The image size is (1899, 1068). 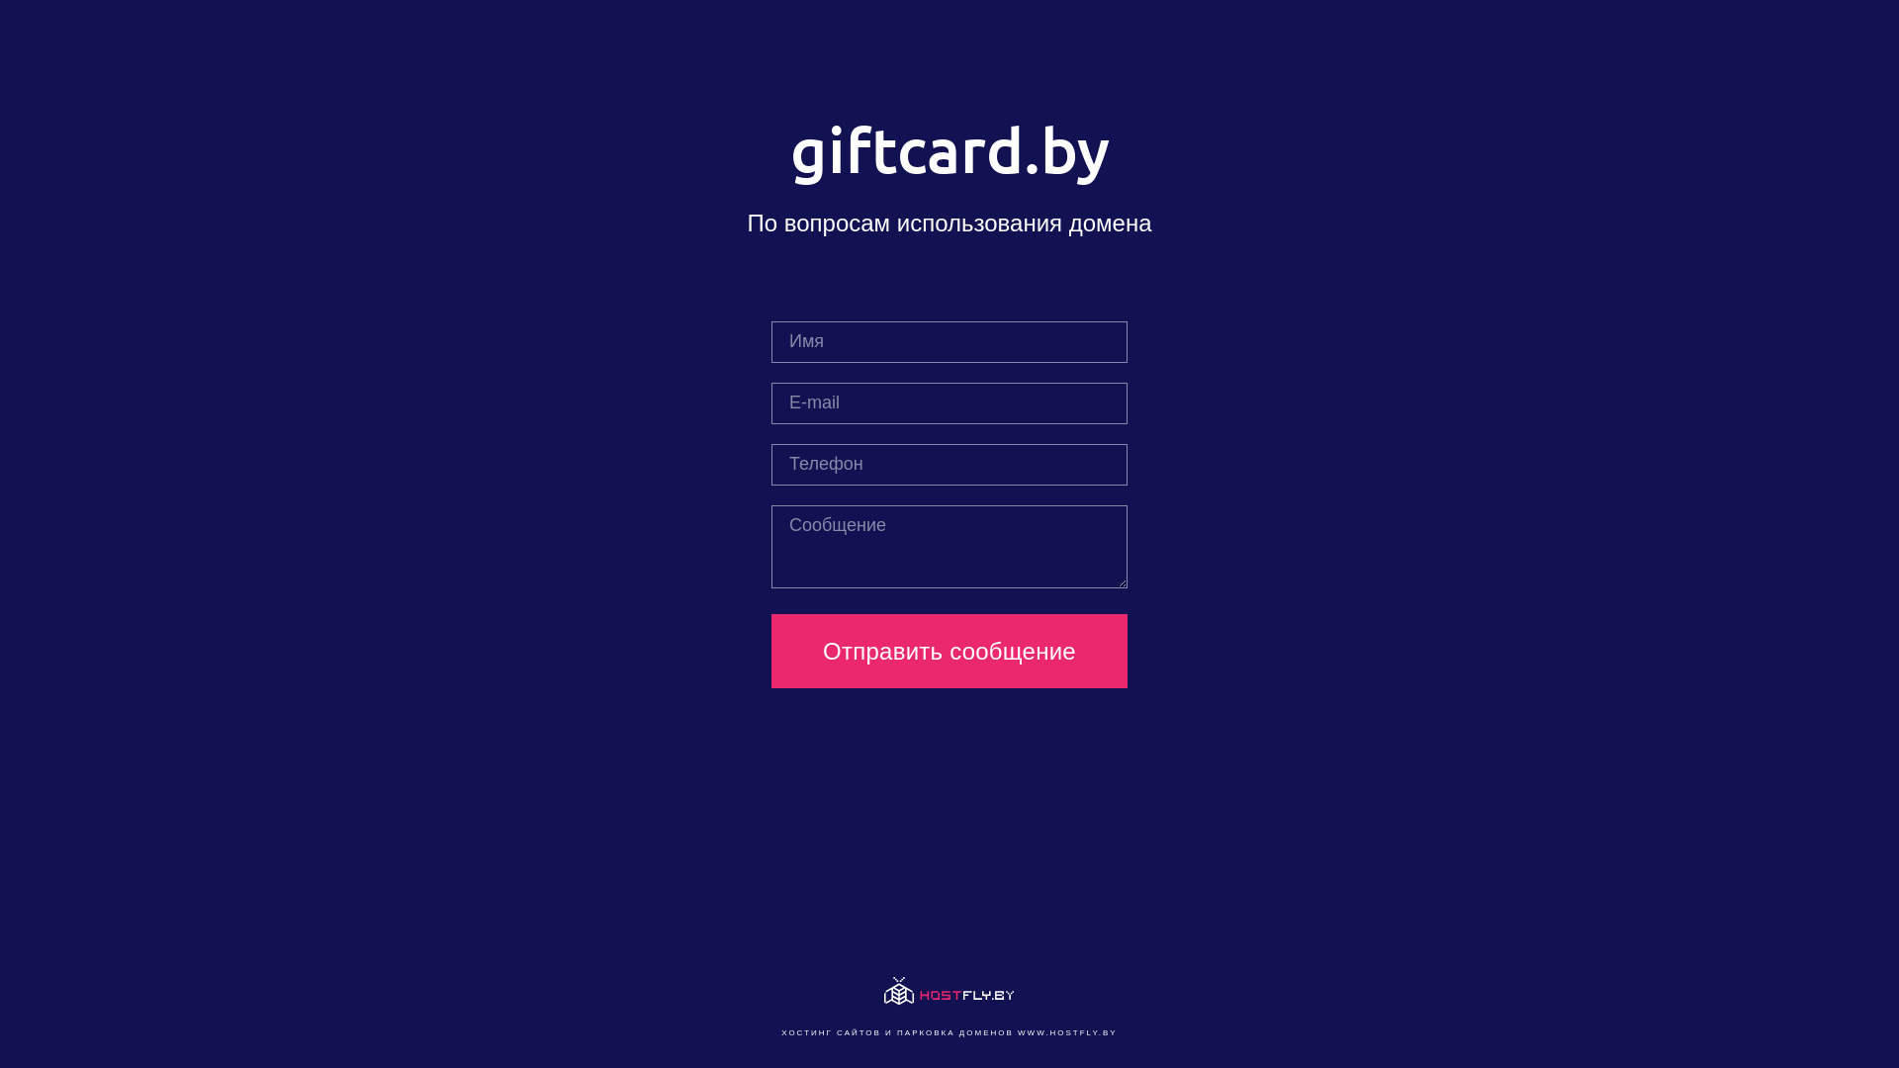 I want to click on 'WWW.HOSTFLY.BY', so click(x=1066, y=1031).